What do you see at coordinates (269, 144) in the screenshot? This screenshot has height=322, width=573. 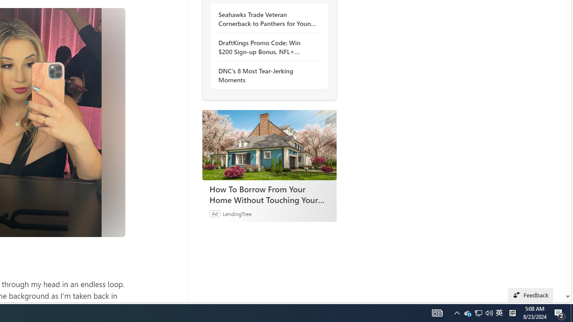 I see `'How To Borrow From Your Home Without Touching Your Mortgage'` at bounding box center [269, 144].